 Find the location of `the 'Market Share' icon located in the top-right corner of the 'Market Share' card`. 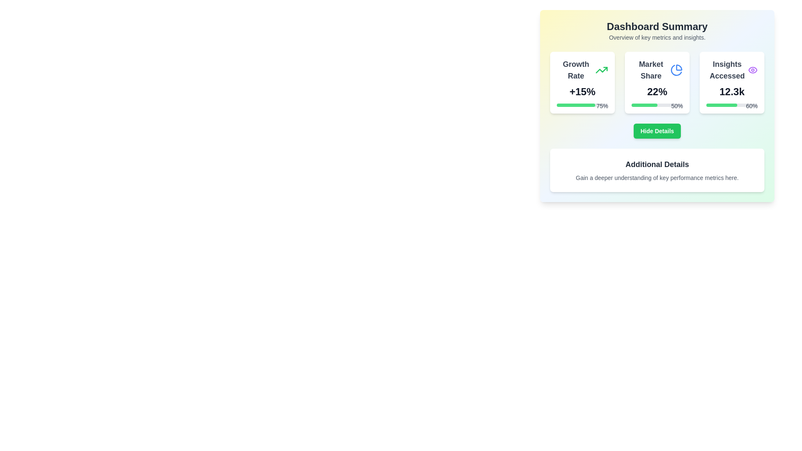

the 'Market Share' icon located in the top-right corner of the 'Market Share' card is located at coordinates (676, 70).